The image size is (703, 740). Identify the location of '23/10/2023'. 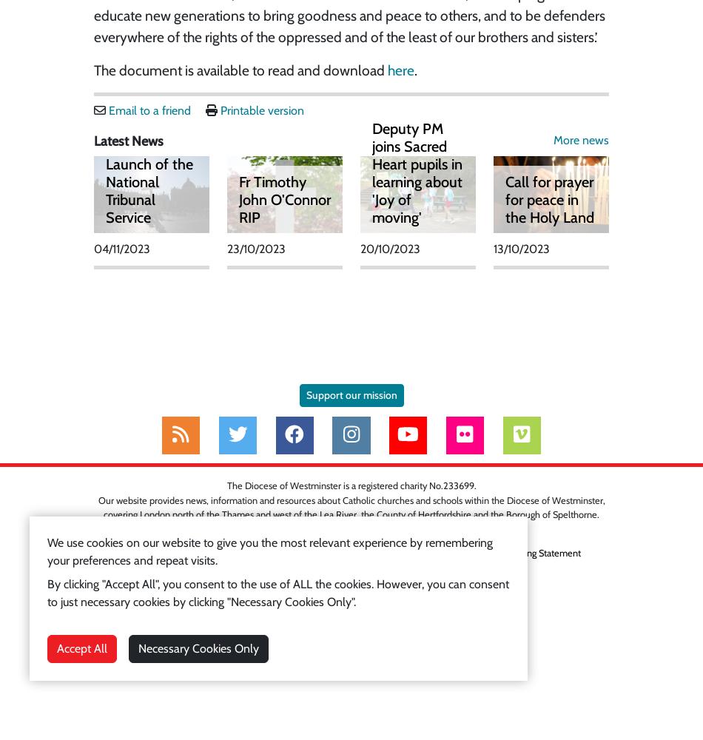
(255, 247).